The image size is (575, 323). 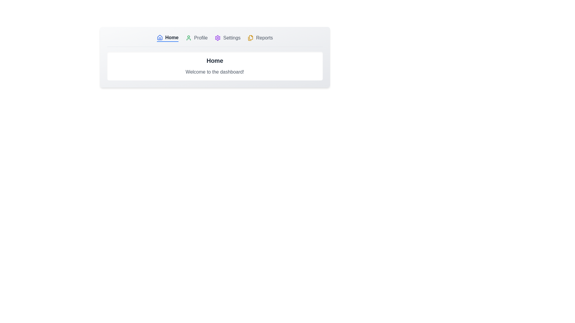 What do you see at coordinates (167, 38) in the screenshot?
I see `the tab labeled Home by clicking on its button` at bounding box center [167, 38].